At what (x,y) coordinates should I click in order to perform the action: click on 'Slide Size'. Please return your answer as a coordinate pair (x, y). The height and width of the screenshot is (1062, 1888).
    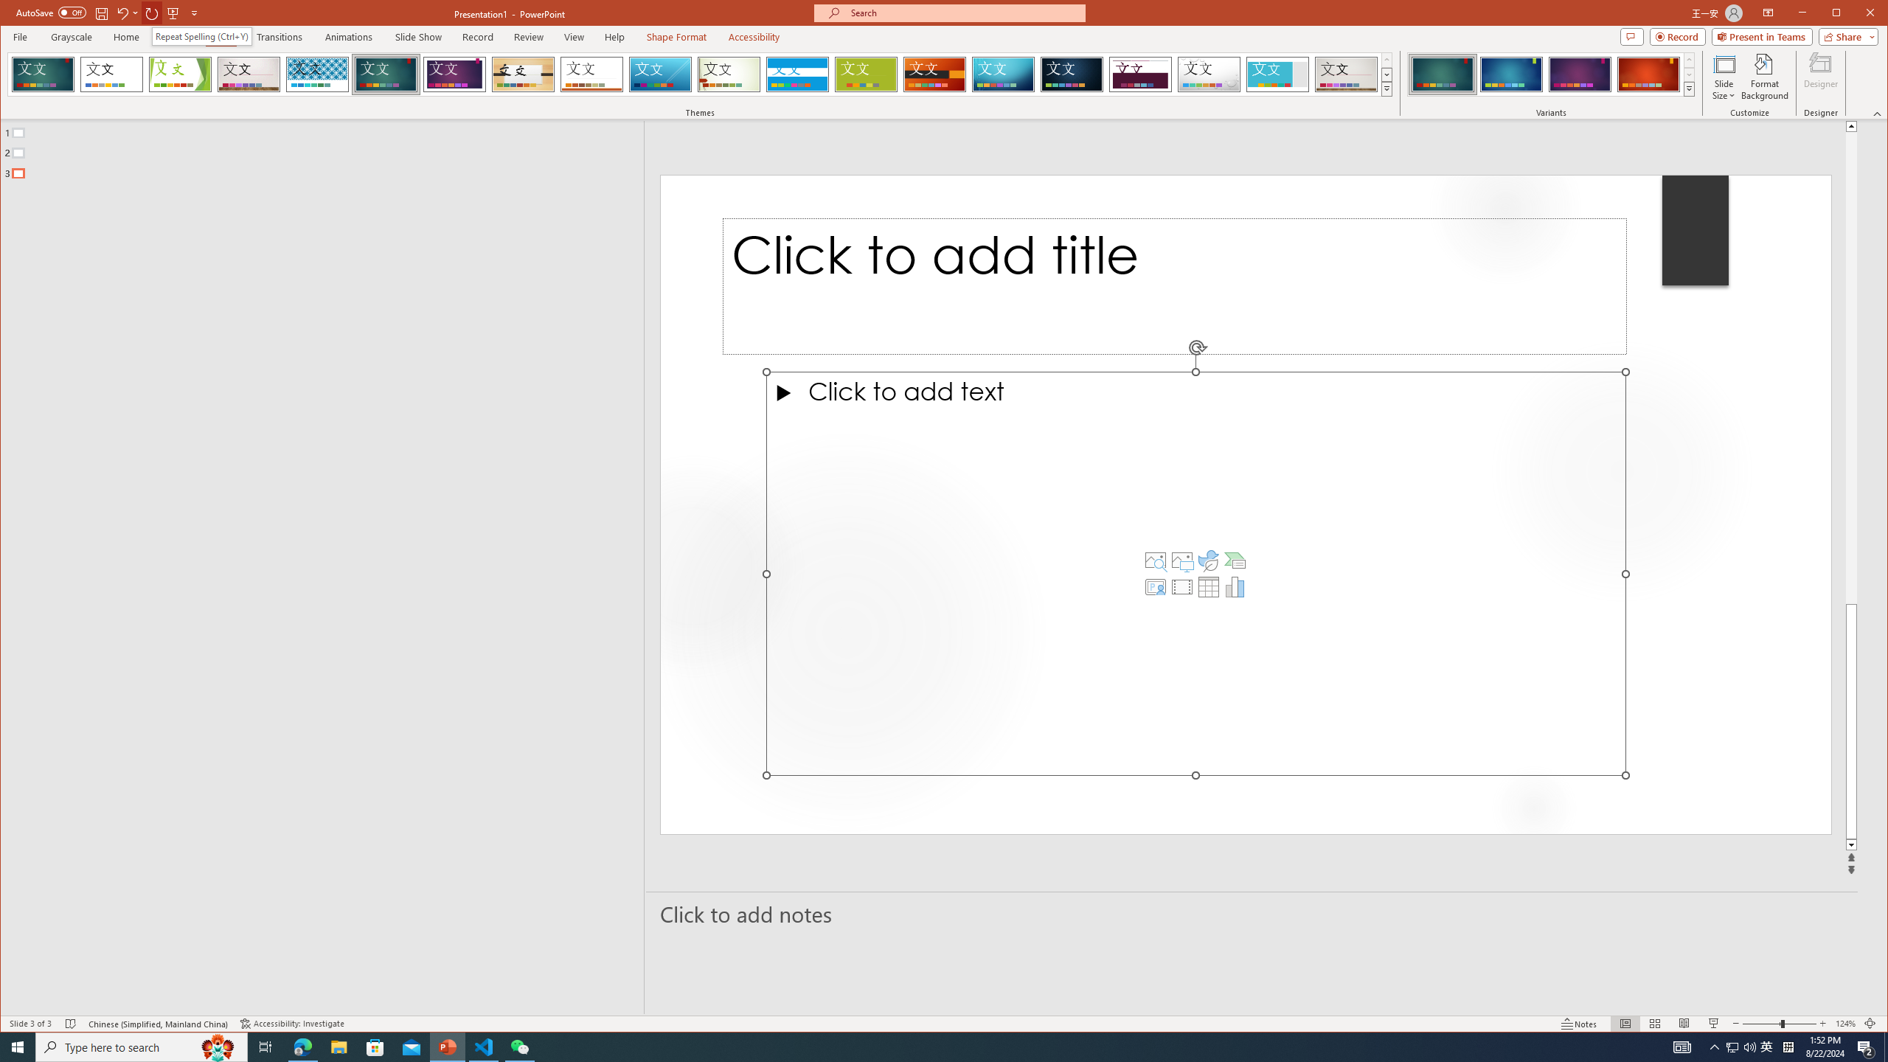
    Looking at the image, I should click on (1723, 76).